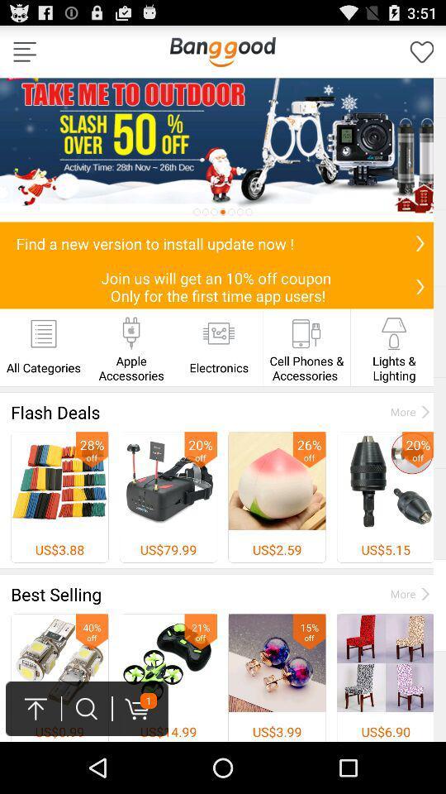 Image resolution: width=446 pixels, height=794 pixels. Describe the element at coordinates (422, 51) in the screenshot. I see `this page` at that location.